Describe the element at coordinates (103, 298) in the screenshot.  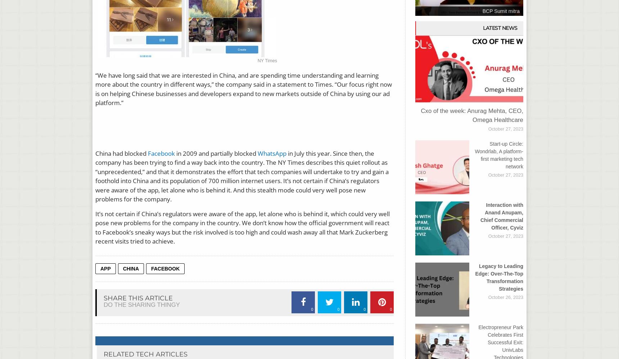
I see `'Share This Article'` at that location.